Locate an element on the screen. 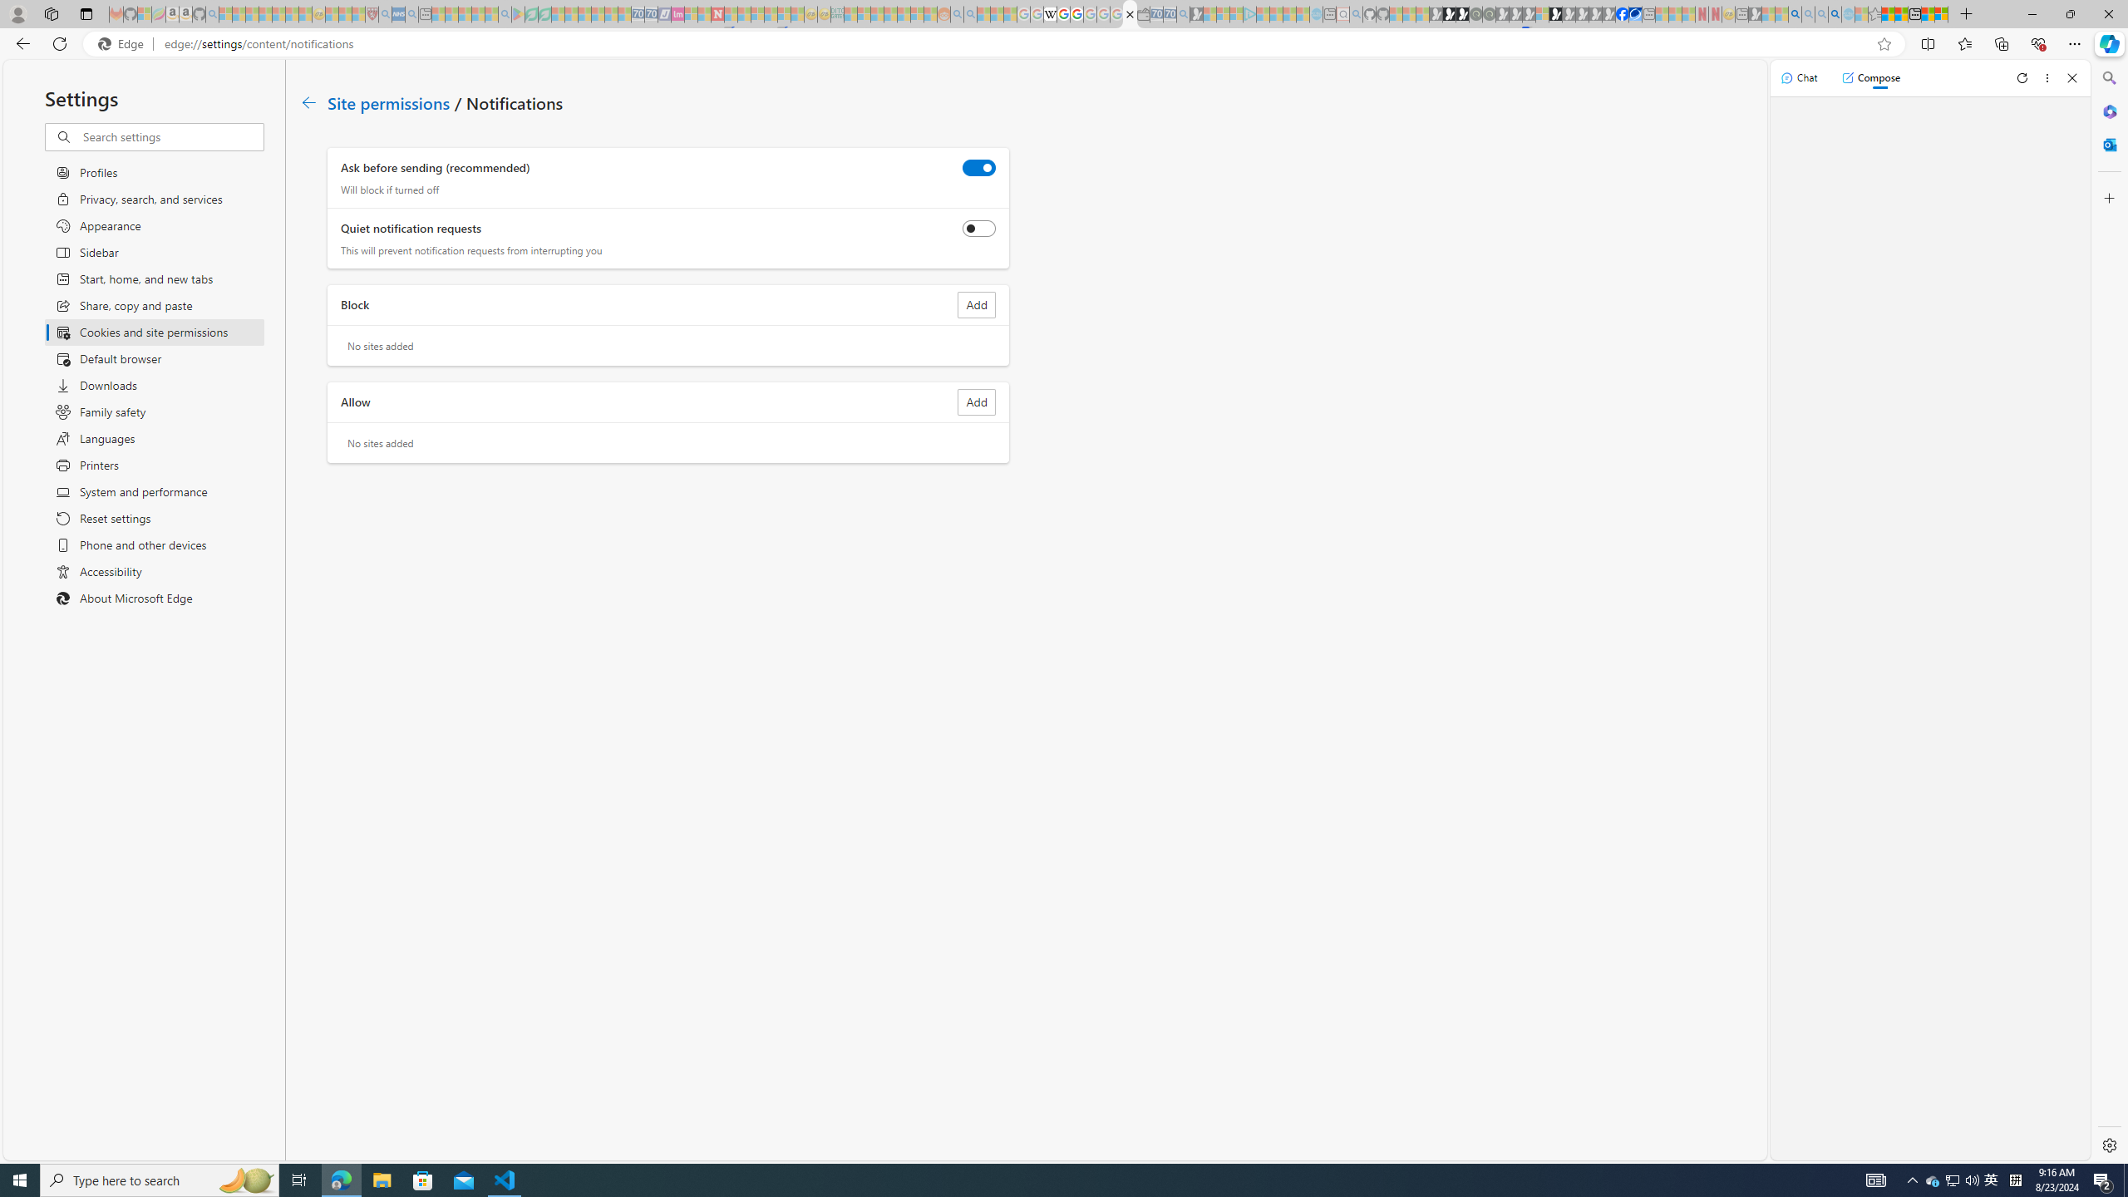  'Add site to Allow list' is located at coordinates (976, 401).